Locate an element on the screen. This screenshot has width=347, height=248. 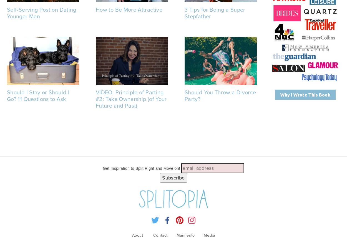
'VIDEO: Principle of Parting #2: Take Ownership (of Your Future and Past)' is located at coordinates (131, 98).